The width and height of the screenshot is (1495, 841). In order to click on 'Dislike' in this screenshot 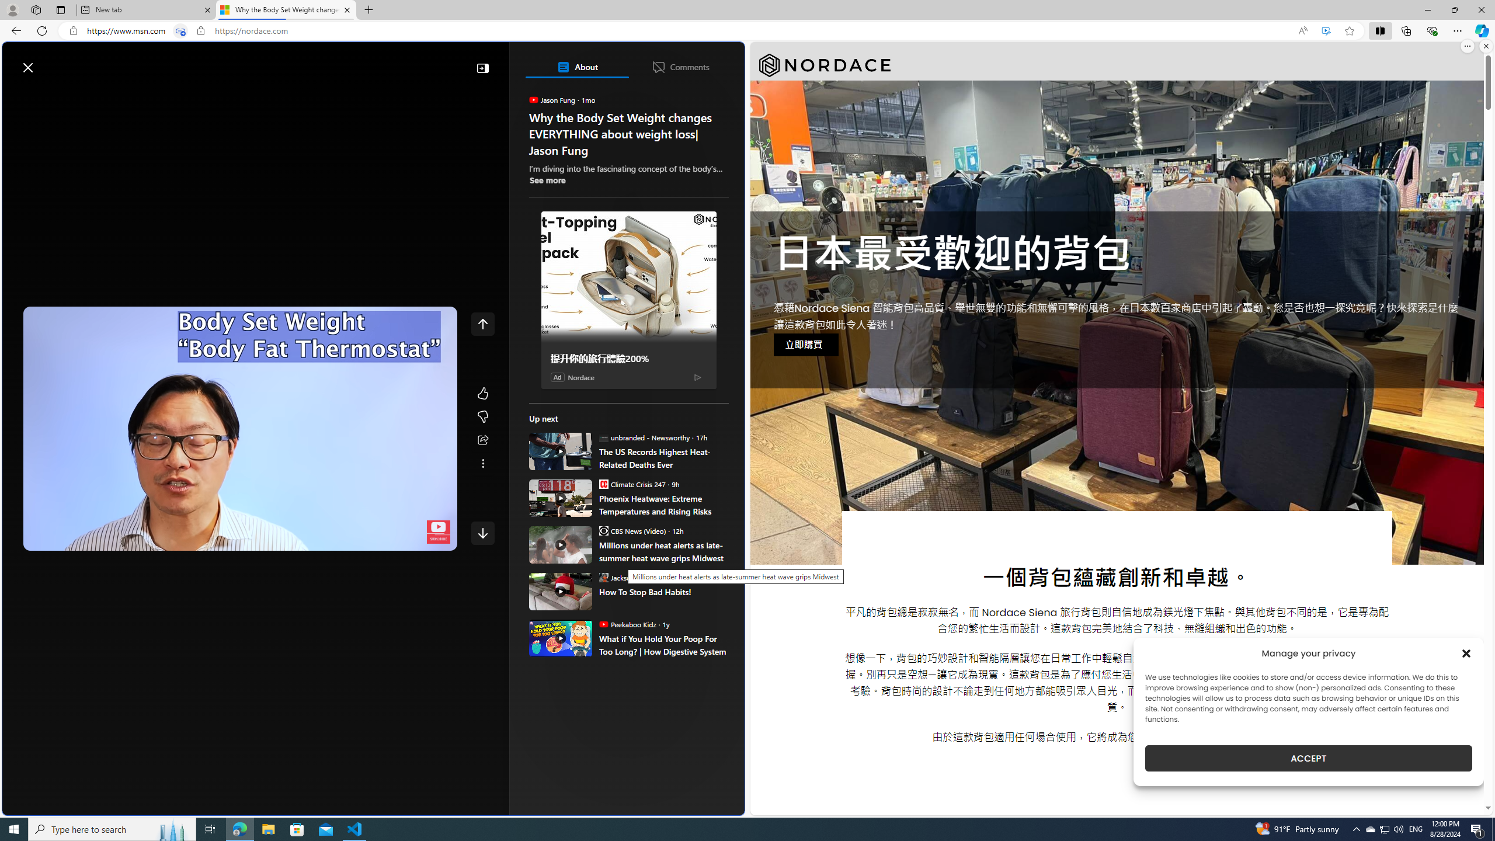, I will do `click(482, 416)`.